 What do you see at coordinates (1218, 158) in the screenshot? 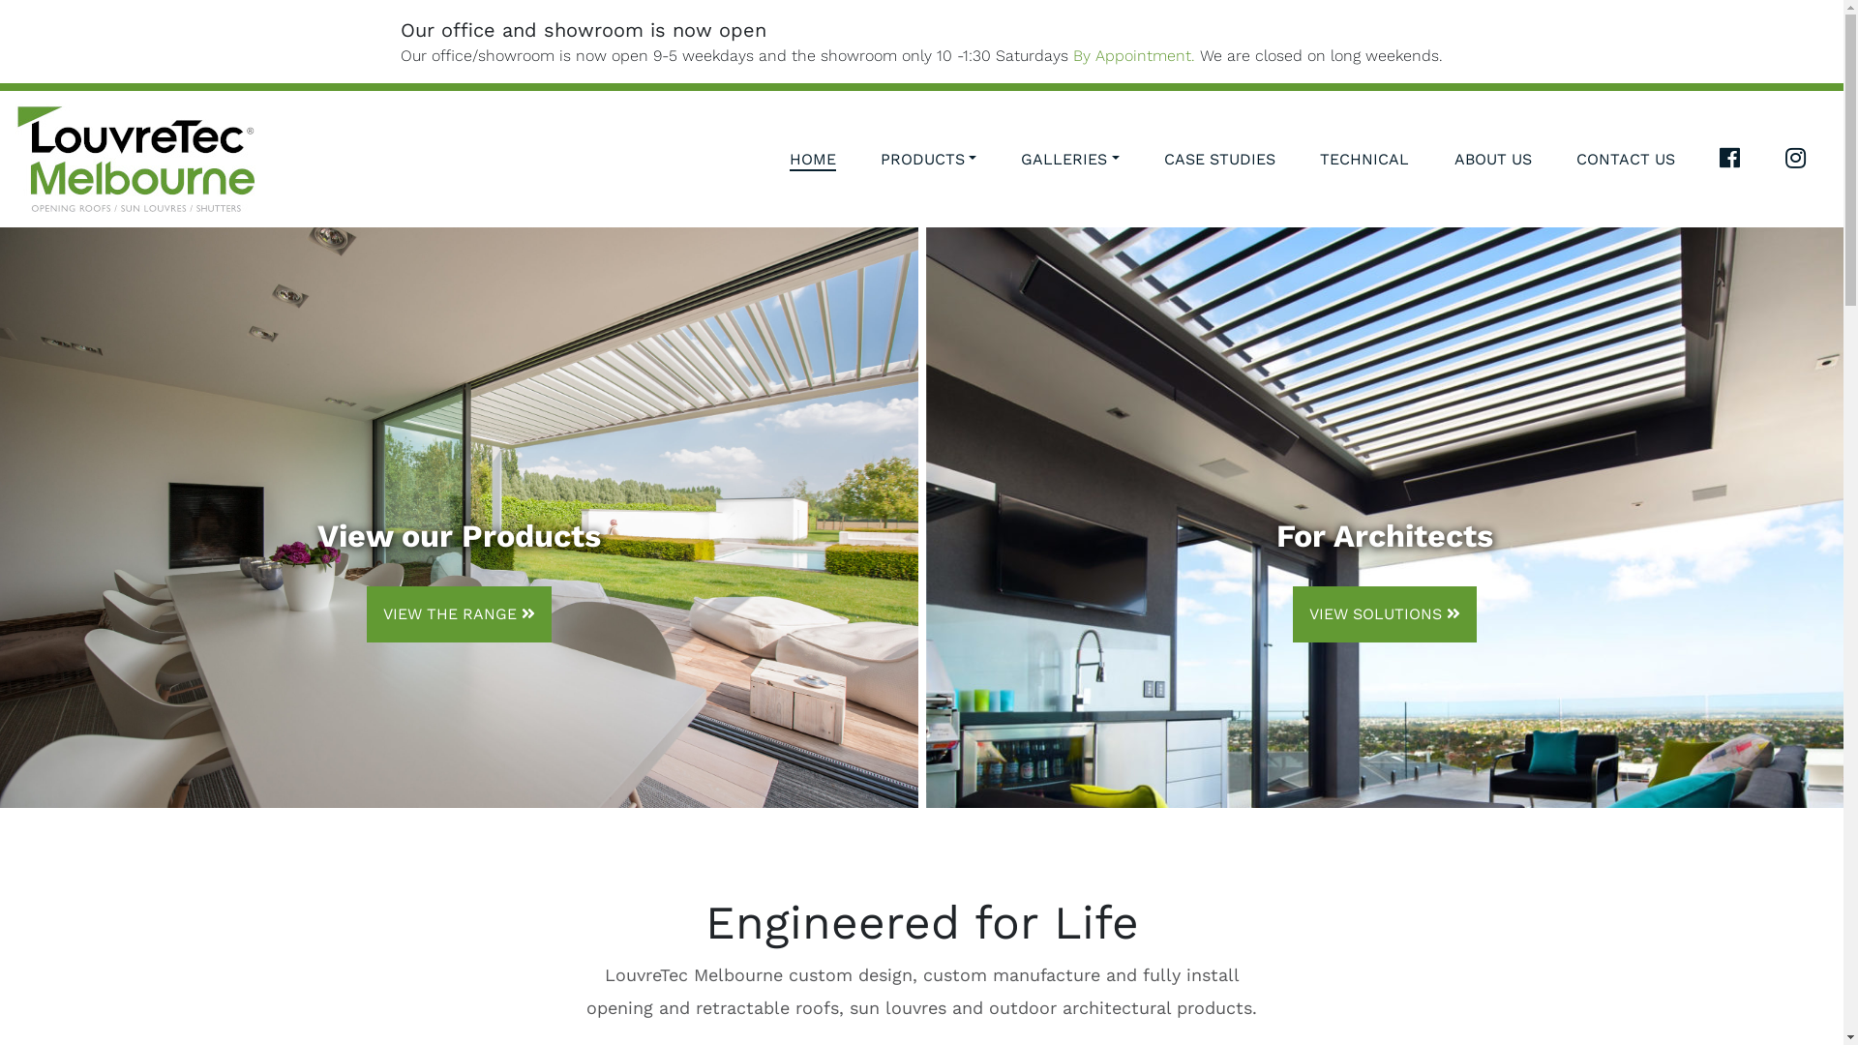
I see `'CASE STUDIES'` at bounding box center [1218, 158].